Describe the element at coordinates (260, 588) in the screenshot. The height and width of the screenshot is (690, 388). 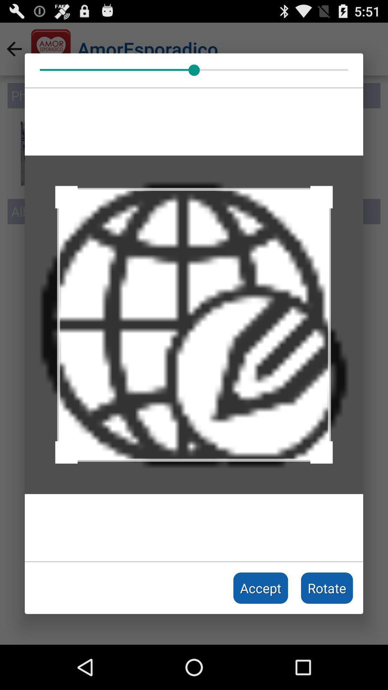
I see `the icon to the left of rotate icon` at that location.